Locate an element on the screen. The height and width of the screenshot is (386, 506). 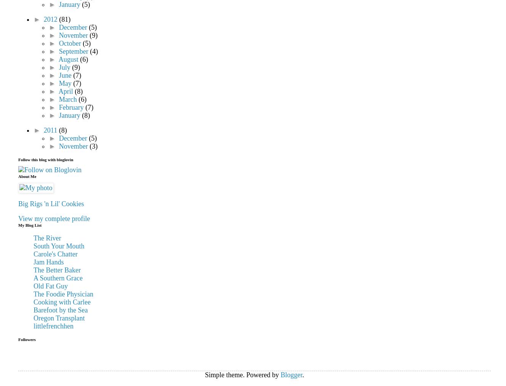
'Big Rigs 'n Lil' Cookies' is located at coordinates (50, 203).